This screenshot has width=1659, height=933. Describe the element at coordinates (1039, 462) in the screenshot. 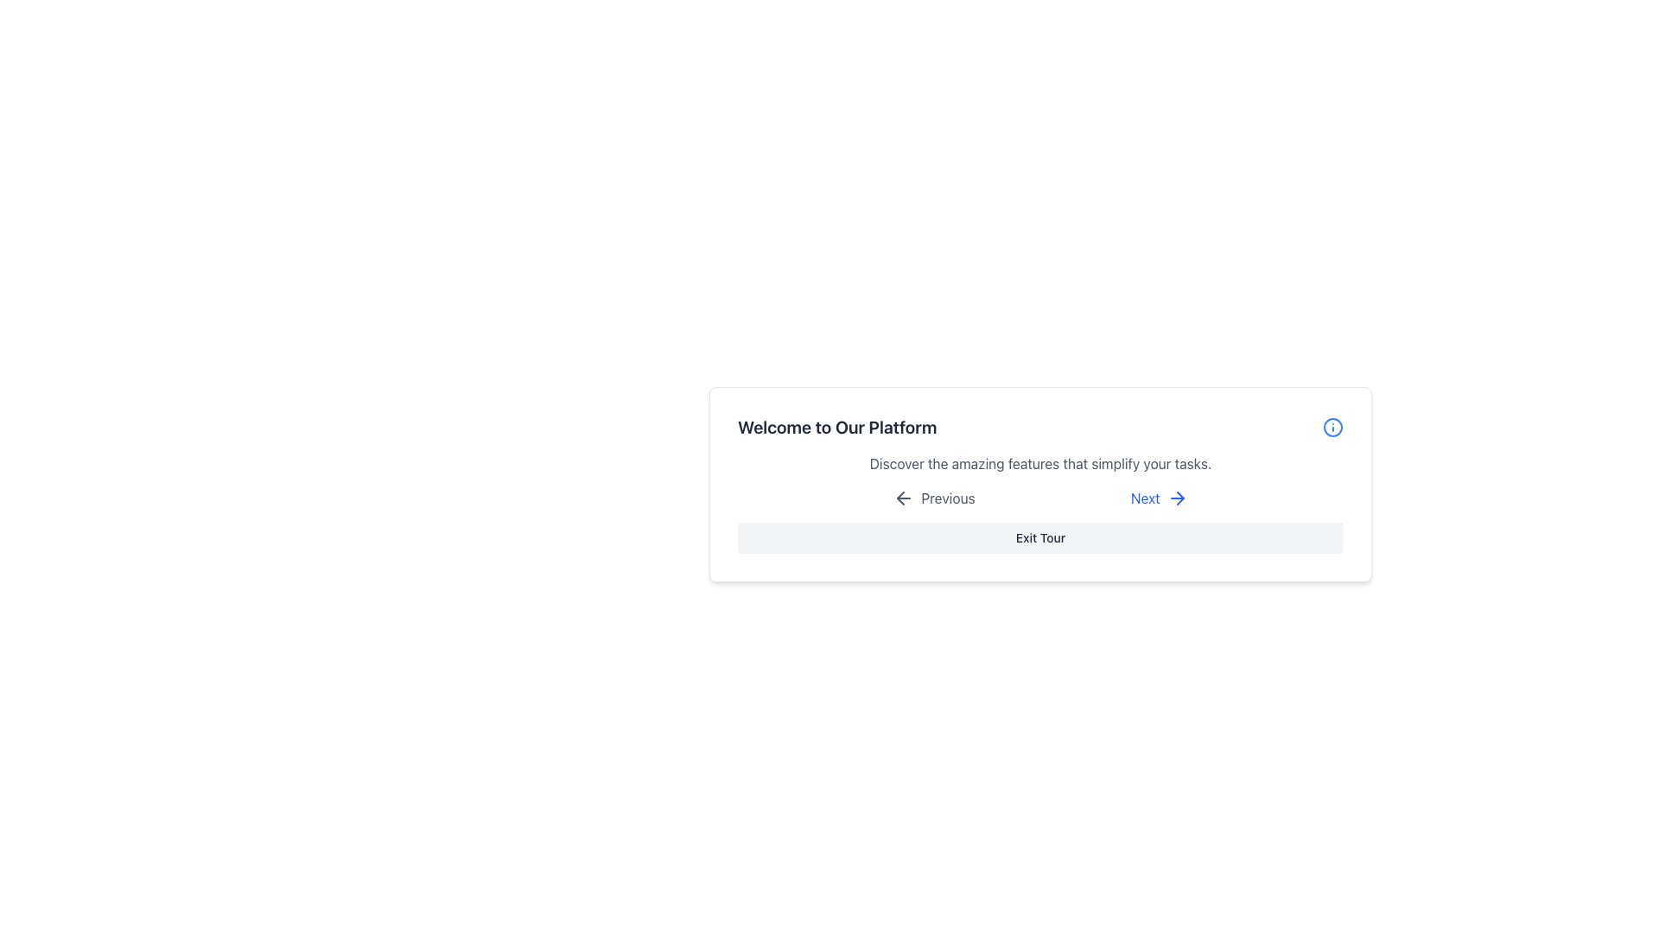

I see `the static text displaying 'Discover the amazing features that simplify your tasks.' which is located below the header 'Welcome to Our Platform'` at that location.